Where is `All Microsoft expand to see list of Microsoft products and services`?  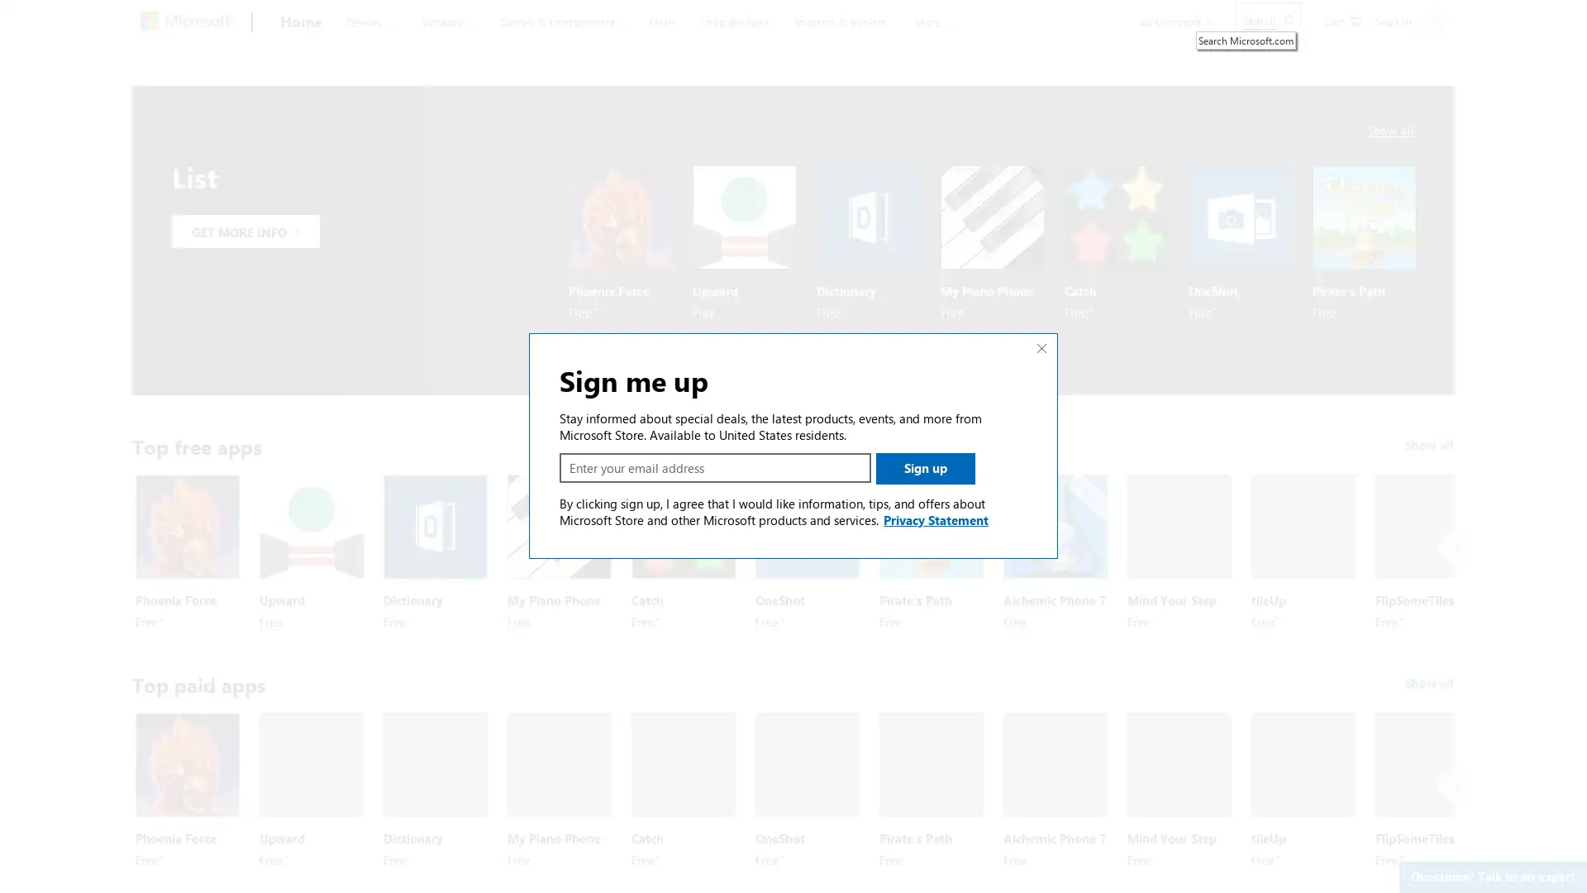 All Microsoft expand to see list of Microsoft products and services is located at coordinates (1173, 21).